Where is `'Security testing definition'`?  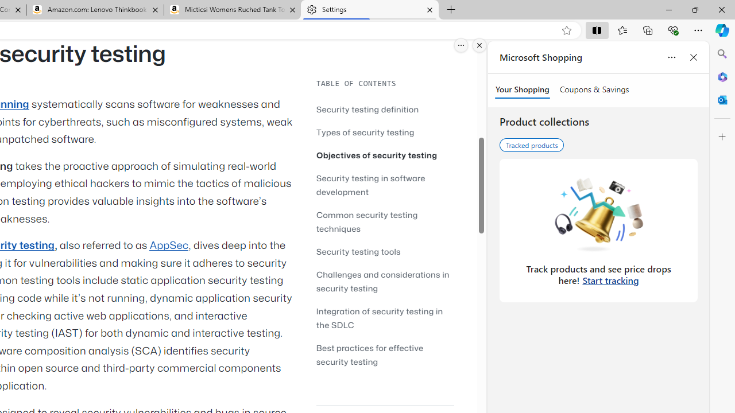
'Security testing definition' is located at coordinates (385, 109).